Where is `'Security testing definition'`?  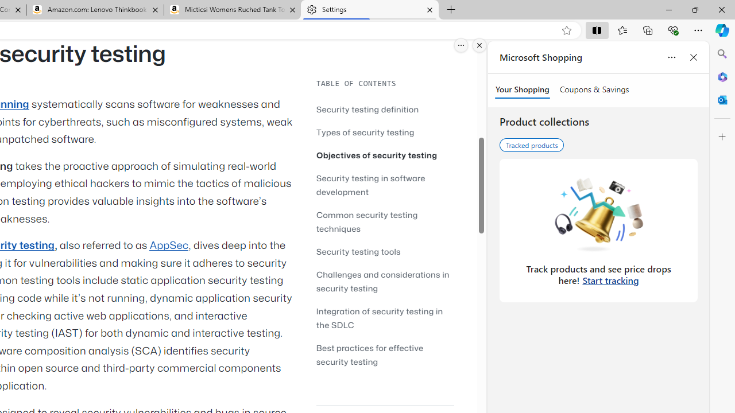
'Security testing definition' is located at coordinates (385, 109).